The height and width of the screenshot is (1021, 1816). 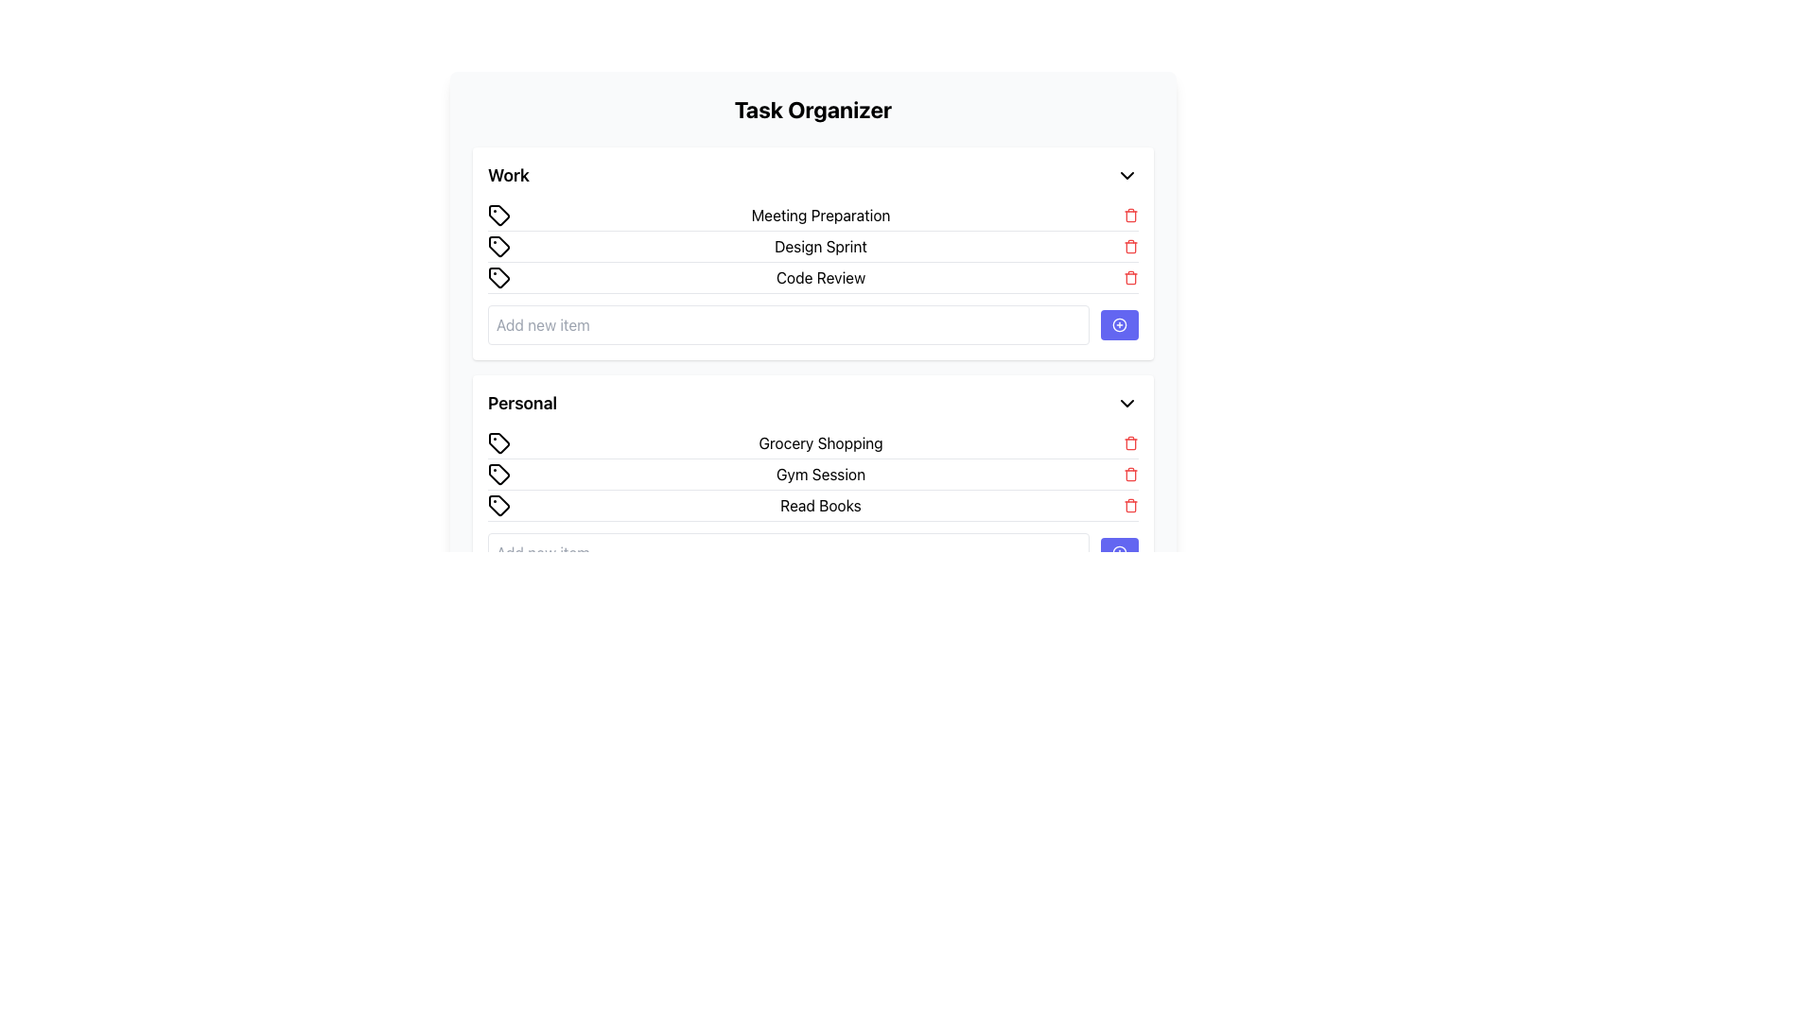 I want to click on the decorative icon associated with 'Grocery Shopping' located to the left of the text in the 'Personal' group, so click(x=499, y=443).